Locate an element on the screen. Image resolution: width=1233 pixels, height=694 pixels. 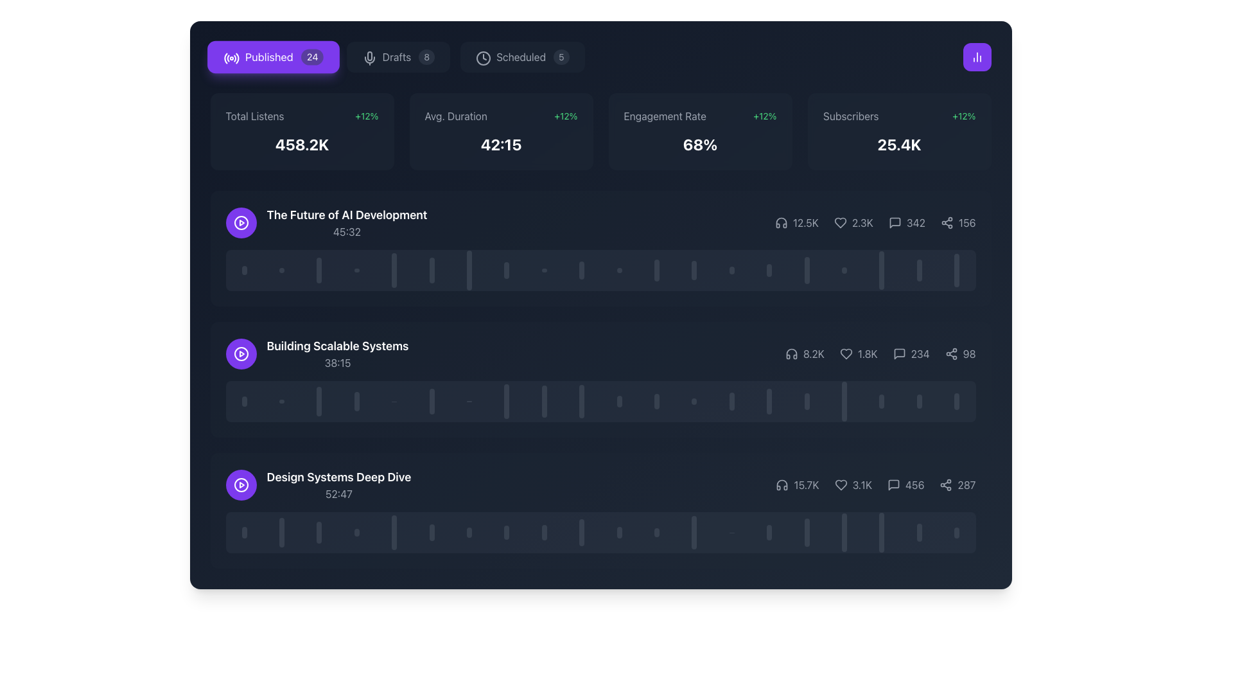
the fifth vertical bar in the horizontal set of nineteen bars that serves as a visual indicator in the playback timeline of the audio titled 'The Future of AI Development' is located at coordinates (394, 269).